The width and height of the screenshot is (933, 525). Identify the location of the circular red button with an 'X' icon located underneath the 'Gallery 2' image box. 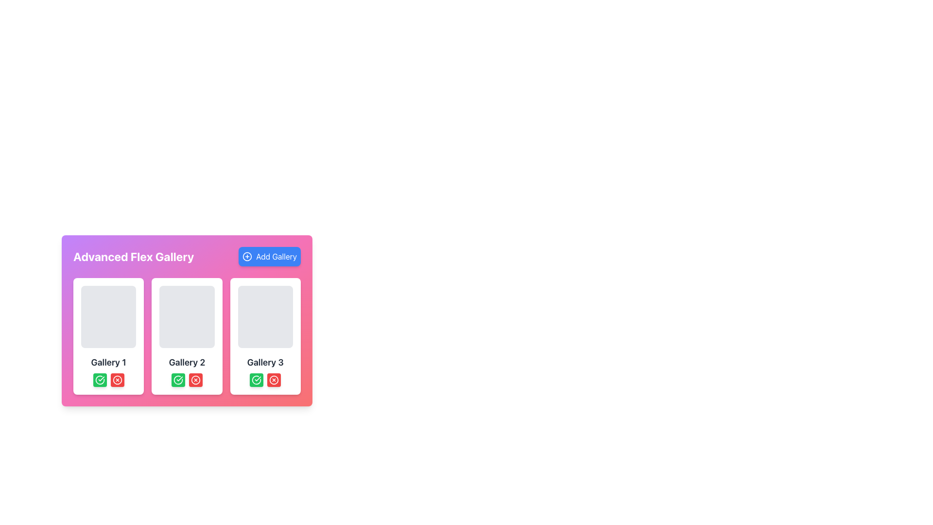
(195, 380).